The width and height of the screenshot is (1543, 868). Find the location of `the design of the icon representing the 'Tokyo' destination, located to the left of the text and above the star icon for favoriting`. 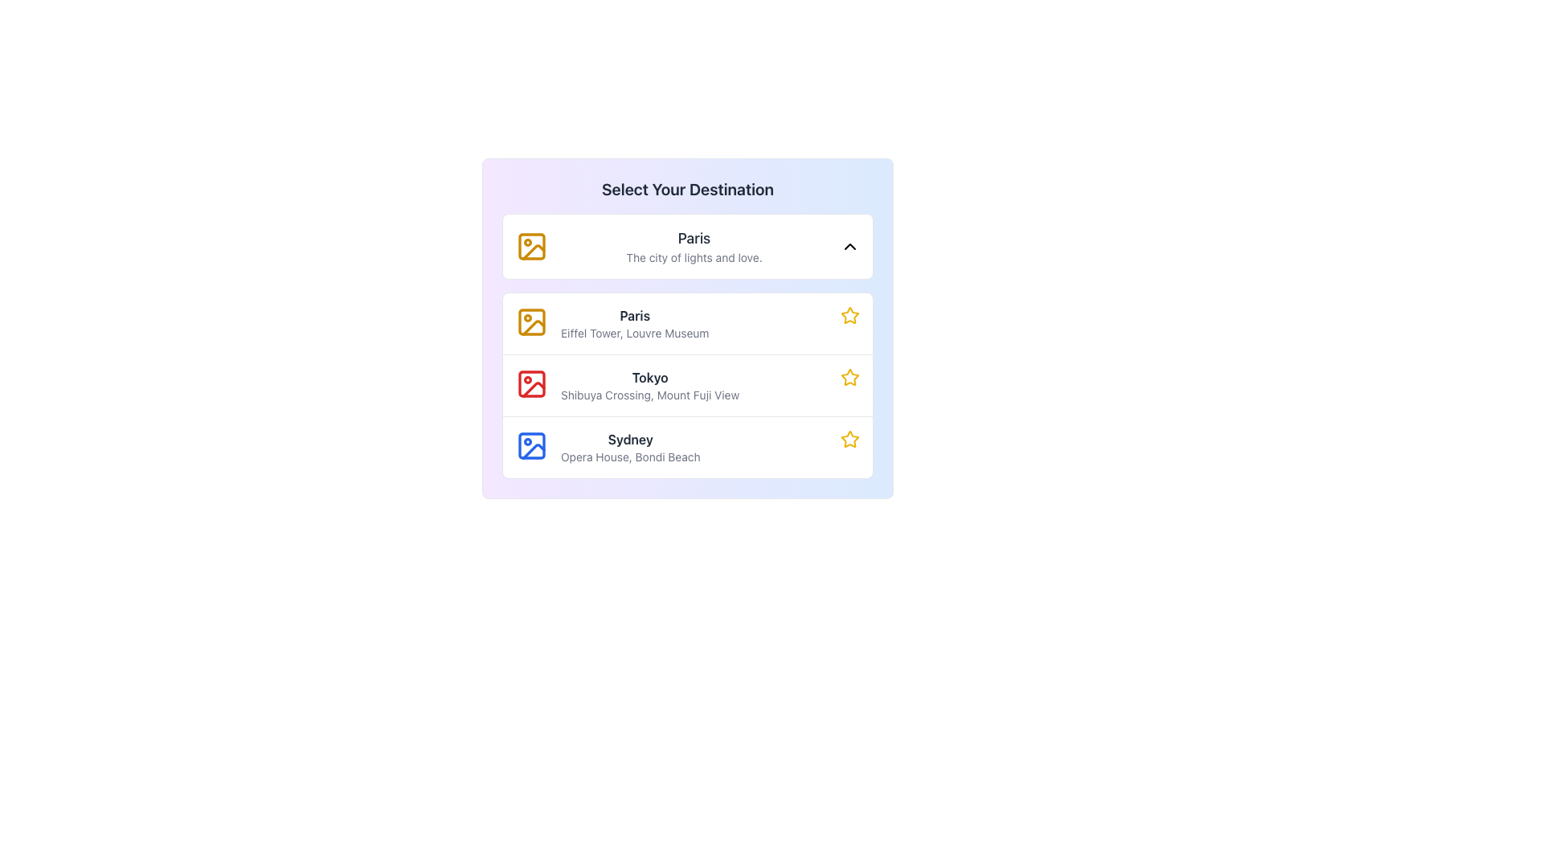

the design of the icon representing the 'Tokyo' destination, located to the left of the text and above the star icon for favoriting is located at coordinates (532, 384).